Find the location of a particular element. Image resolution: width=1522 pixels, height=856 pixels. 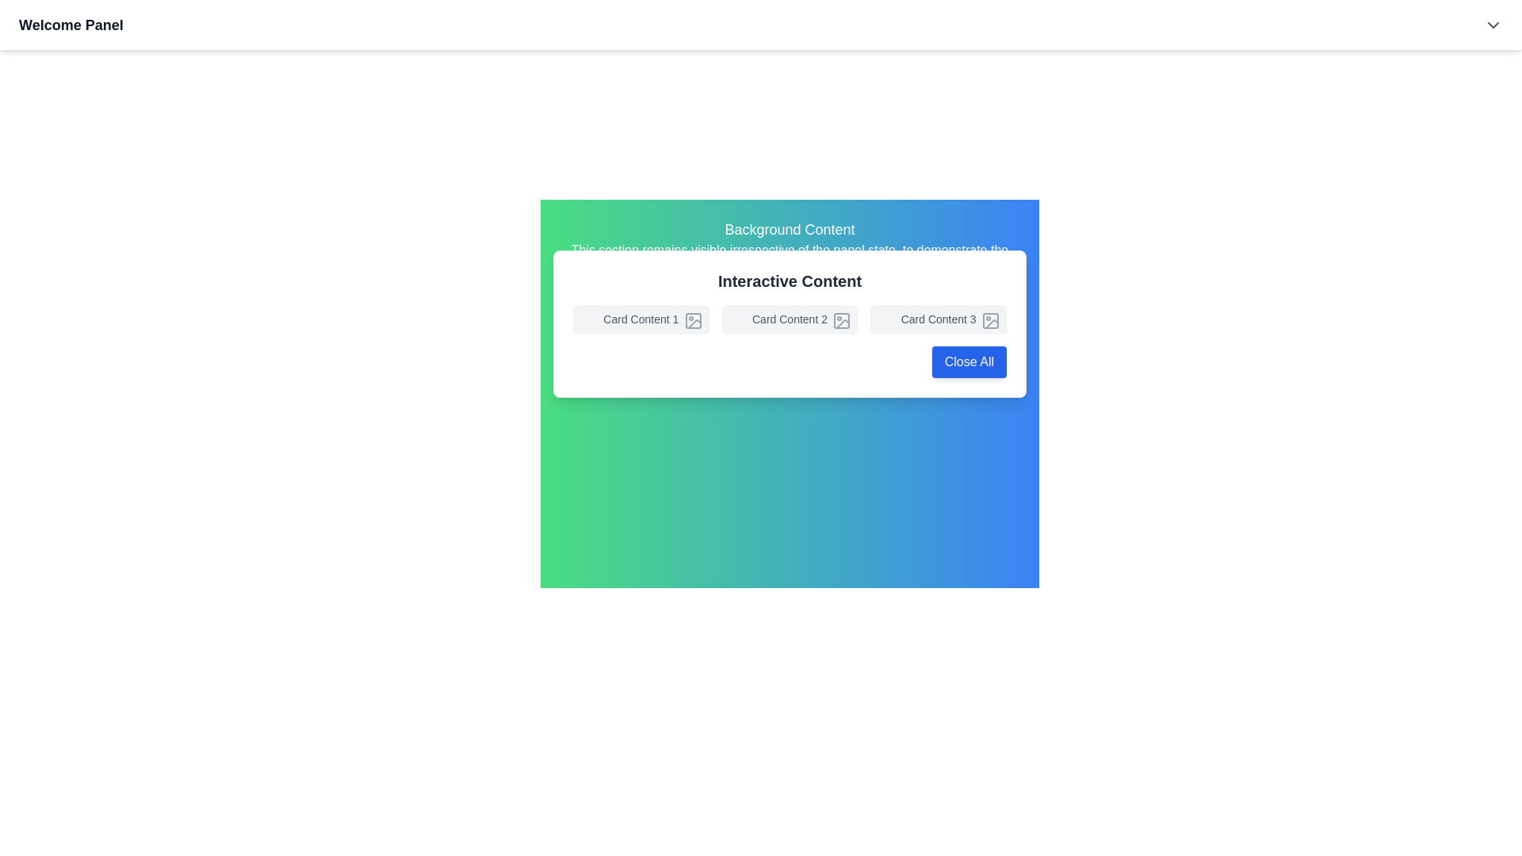

the card component in the grid layout that is horizontally centered beneath the text 'Interactive Content' and above the 'Close All' button is located at coordinates (790, 319).